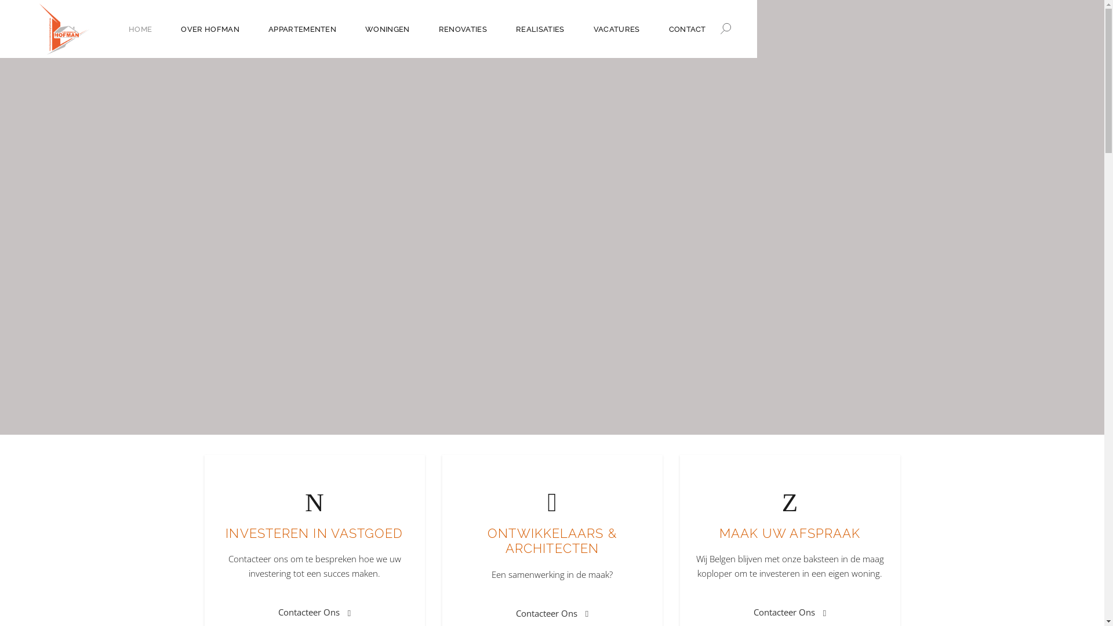  What do you see at coordinates (551, 612) in the screenshot?
I see `'Contacteer Ons'` at bounding box center [551, 612].